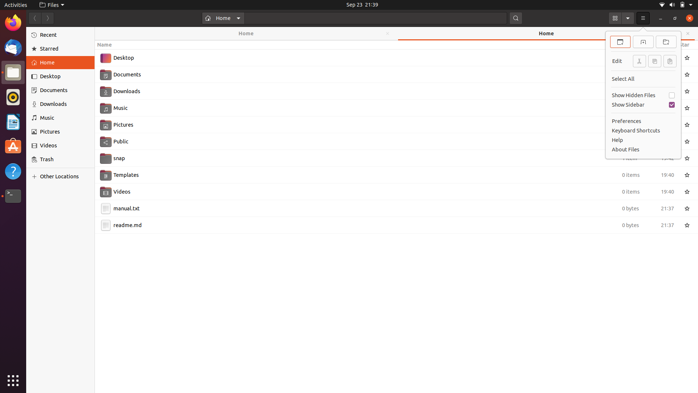 This screenshot has width=698, height=393. I want to click on Create a new directory using keyboard and mouse, so click(666, 41).